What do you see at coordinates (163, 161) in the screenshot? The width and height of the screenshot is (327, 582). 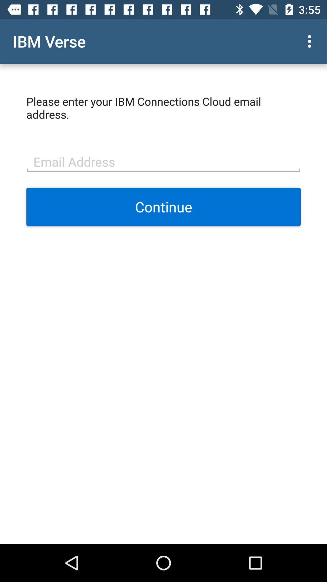 I see `the icon above continue icon` at bounding box center [163, 161].